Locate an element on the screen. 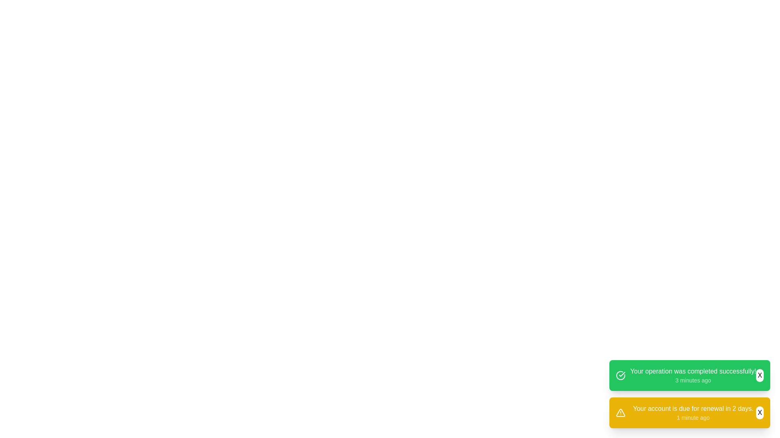 Image resolution: width=780 pixels, height=438 pixels. close button of the notification with the message 'Your operation was completed successfully!' is located at coordinates (759, 375).